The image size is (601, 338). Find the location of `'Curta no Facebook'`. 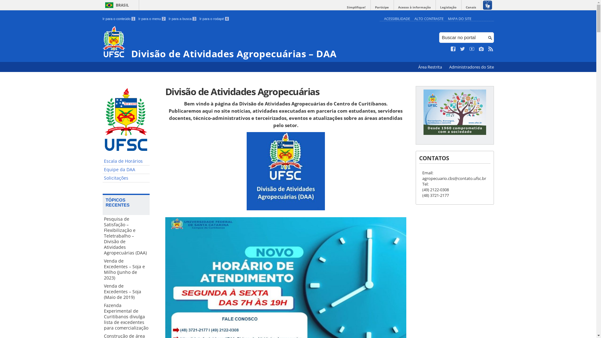

'Curta no Facebook' is located at coordinates (453, 49).